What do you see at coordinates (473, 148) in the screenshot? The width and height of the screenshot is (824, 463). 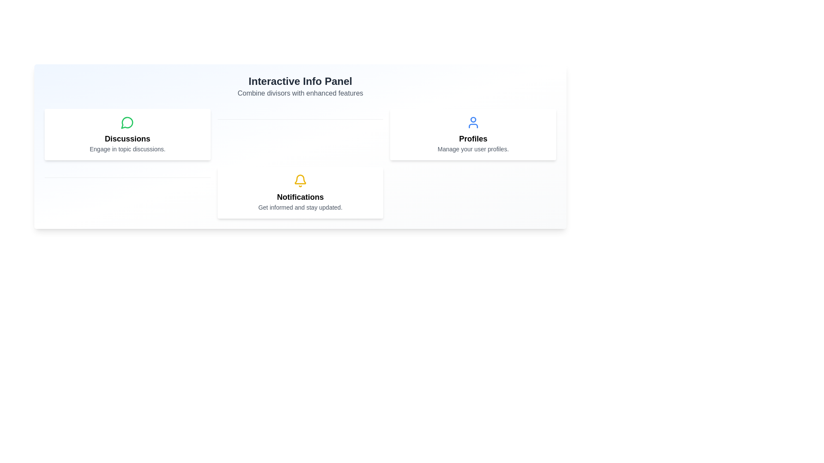 I see `the text label 'Manage your user profiles.' located within the 'Profiles' card in the top-right section of the user interface` at bounding box center [473, 148].